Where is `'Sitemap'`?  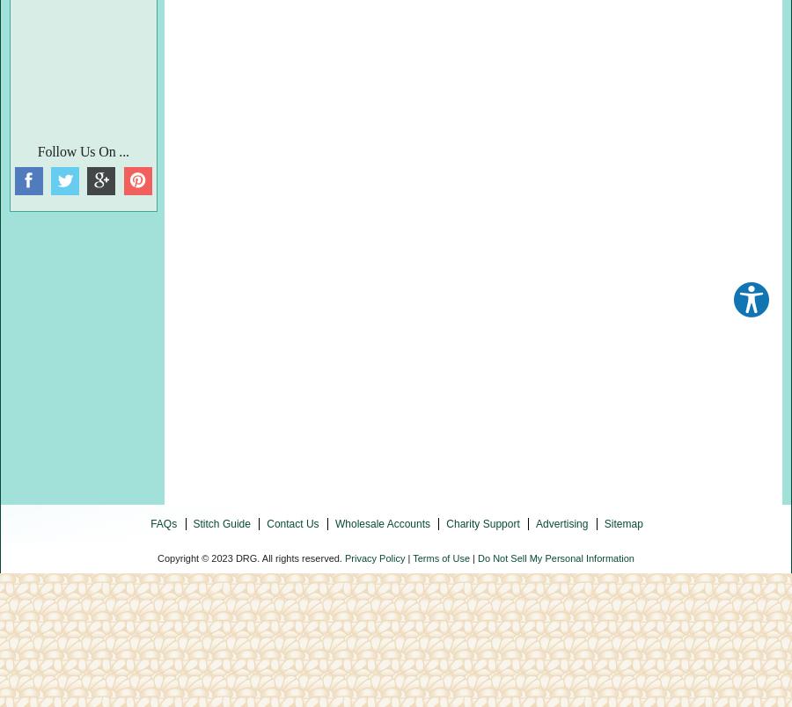 'Sitemap' is located at coordinates (622, 521).